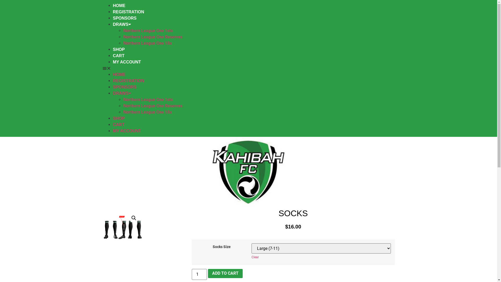 This screenshot has width=501, height=282. I want to click on 'REGISTRATION', so click(128, 12).